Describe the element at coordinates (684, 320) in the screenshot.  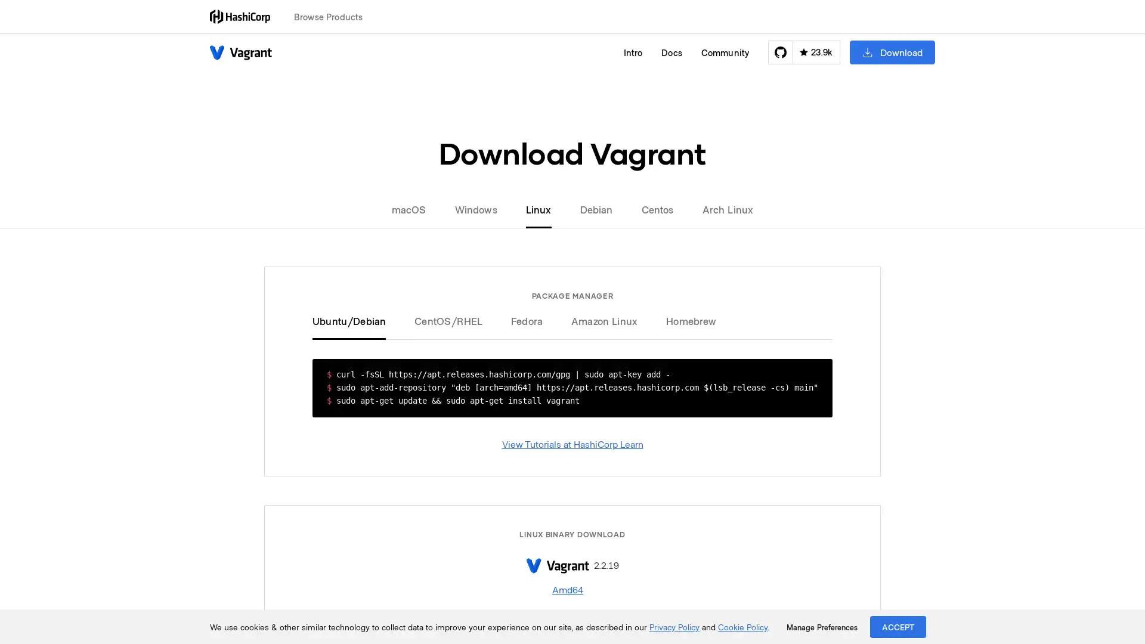
I see `Homebrew` at that location.